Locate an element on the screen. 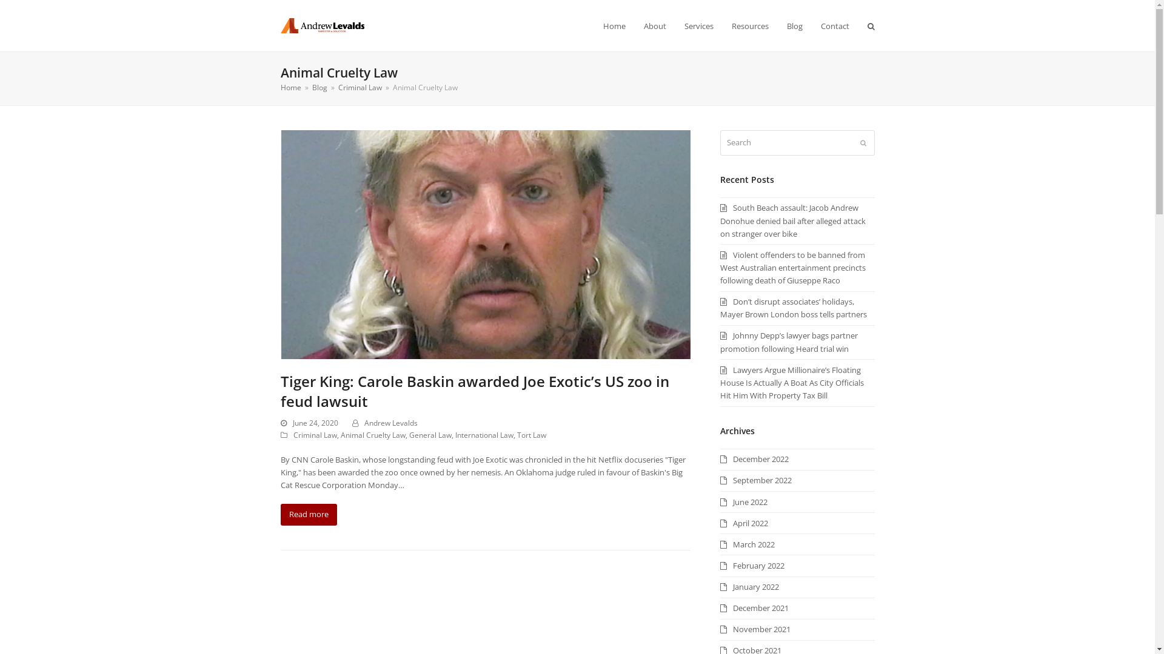 The image size is (1164, 654). 'Services' is located at coordinates (698, 25).